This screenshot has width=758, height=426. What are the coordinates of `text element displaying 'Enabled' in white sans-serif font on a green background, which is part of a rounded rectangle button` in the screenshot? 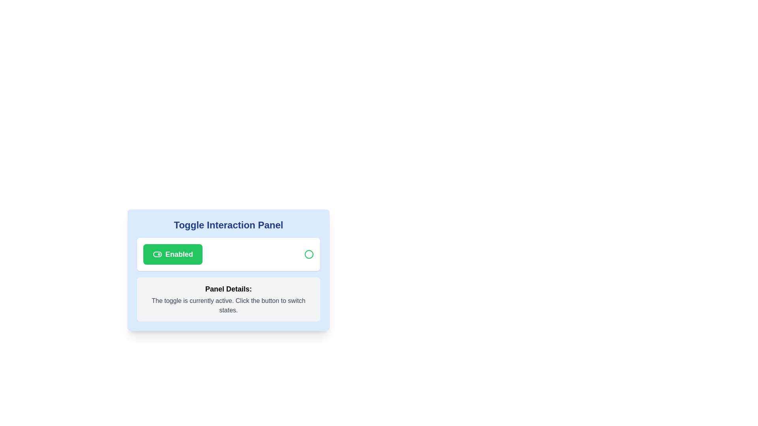 It's located at (179, 254).